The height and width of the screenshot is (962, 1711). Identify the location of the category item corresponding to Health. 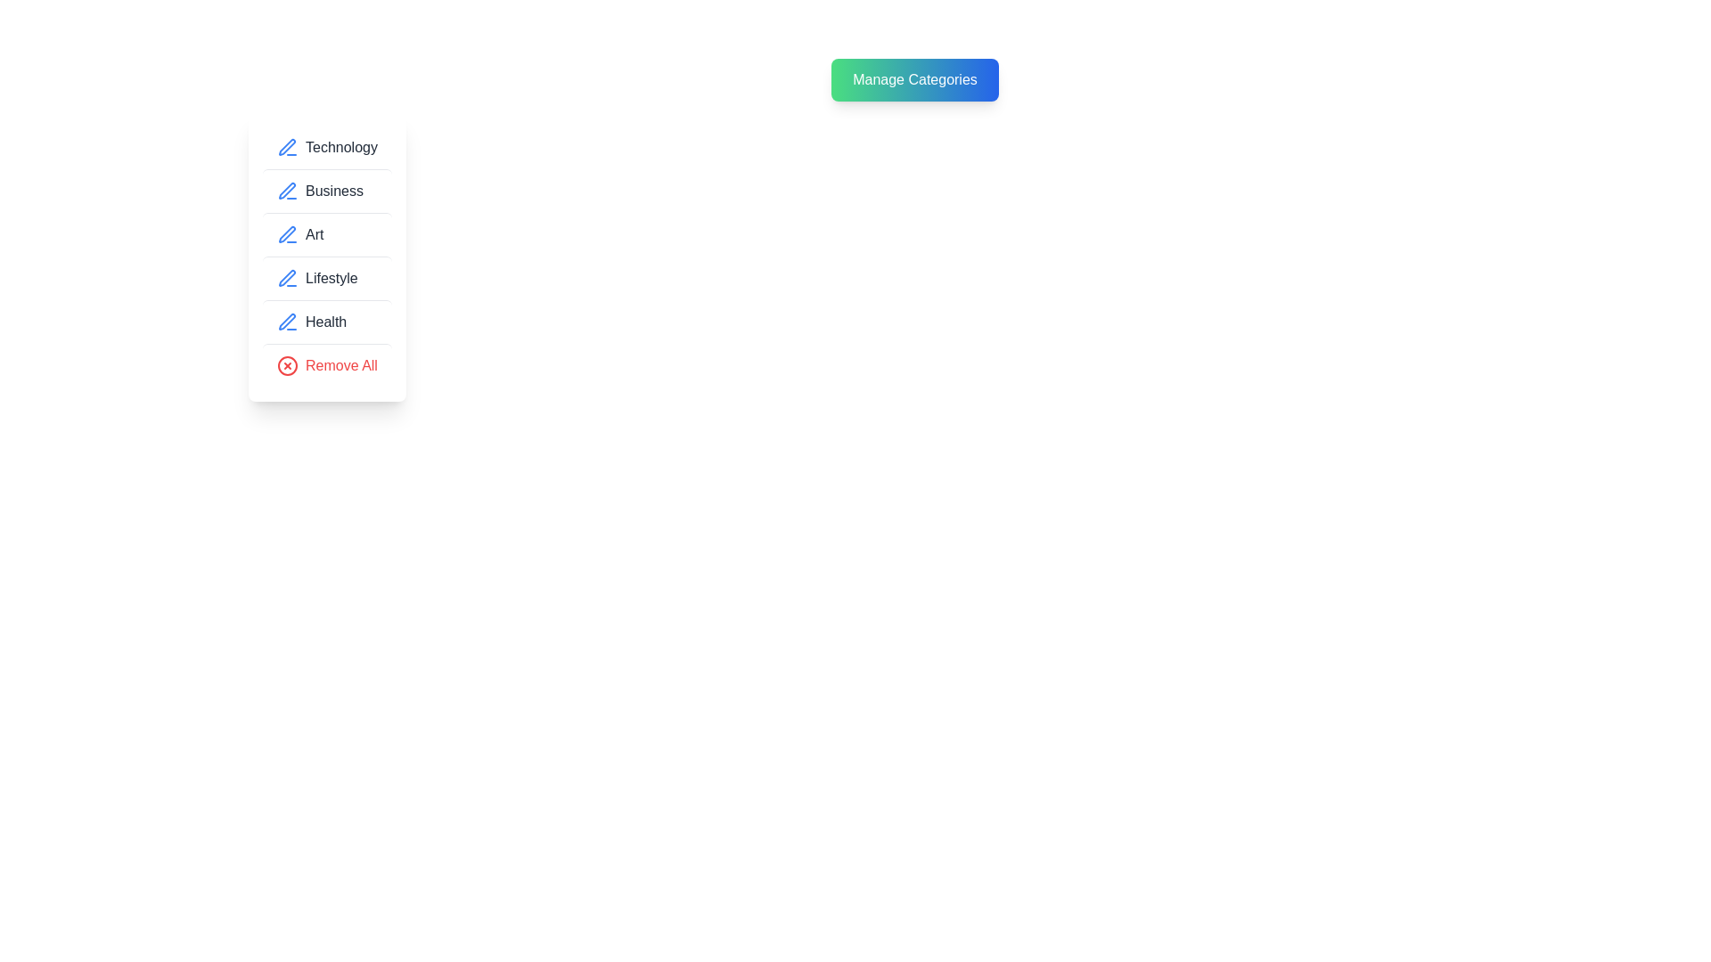
(326, 322).